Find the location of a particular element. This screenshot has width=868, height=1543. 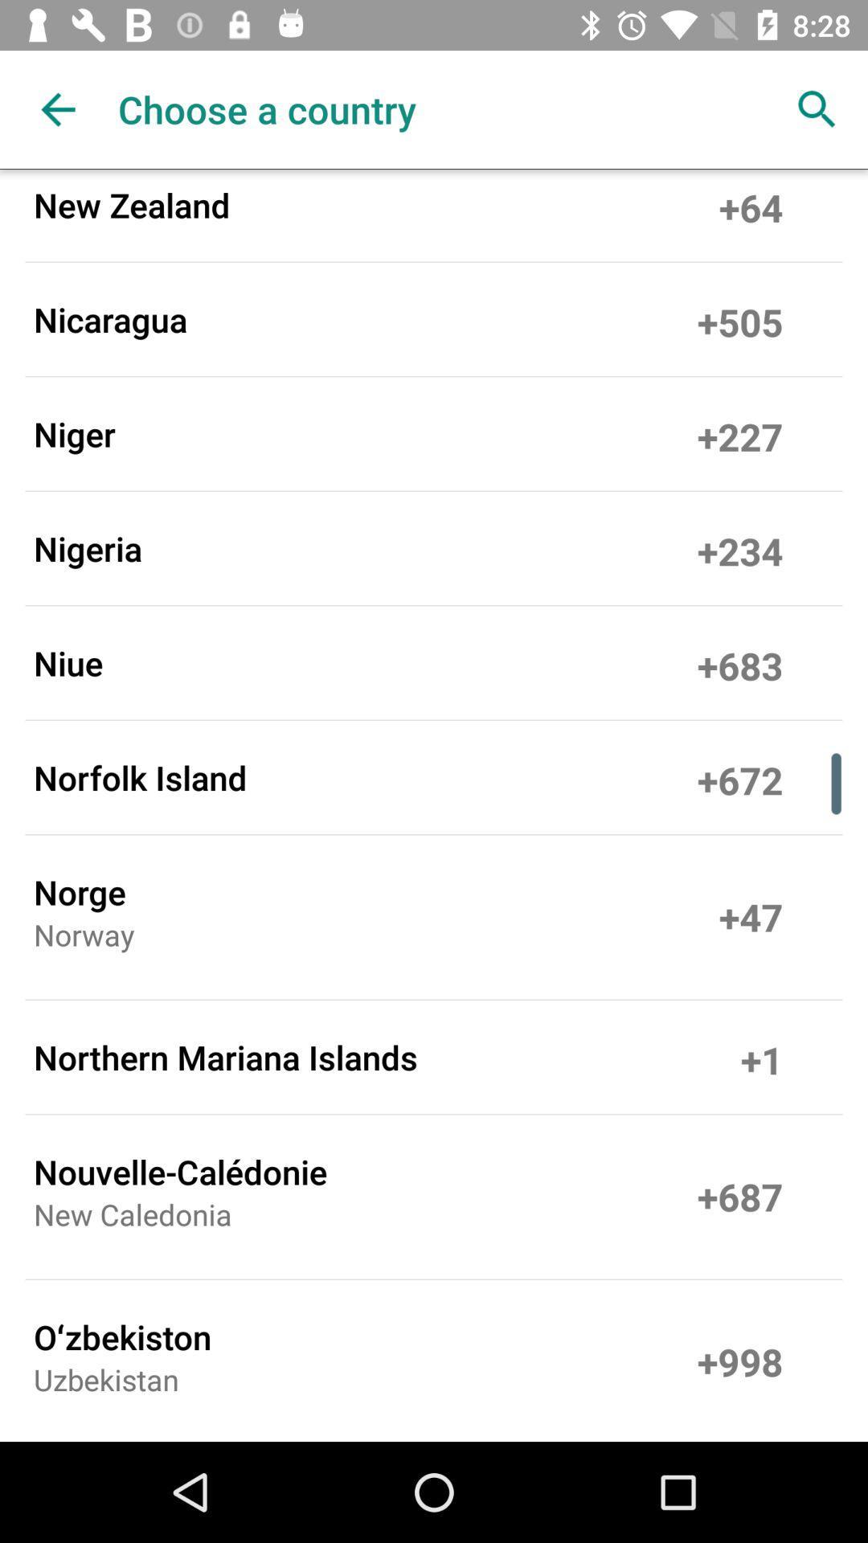

item above +234 item is located at coordinates (740, 433).